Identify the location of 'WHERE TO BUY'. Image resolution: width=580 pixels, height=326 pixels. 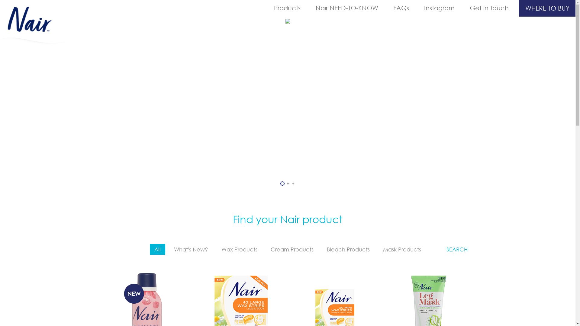
(547, 8).